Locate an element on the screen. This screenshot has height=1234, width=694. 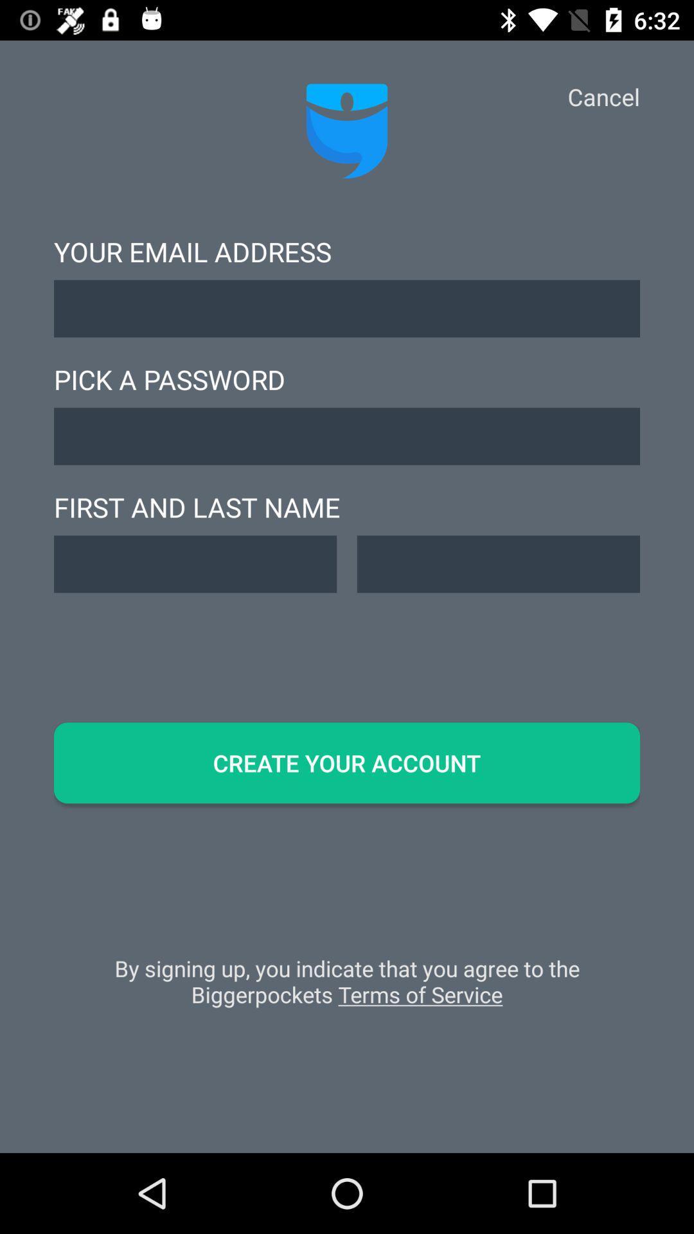
icon below create your account item is located at coordinates (347, 987).